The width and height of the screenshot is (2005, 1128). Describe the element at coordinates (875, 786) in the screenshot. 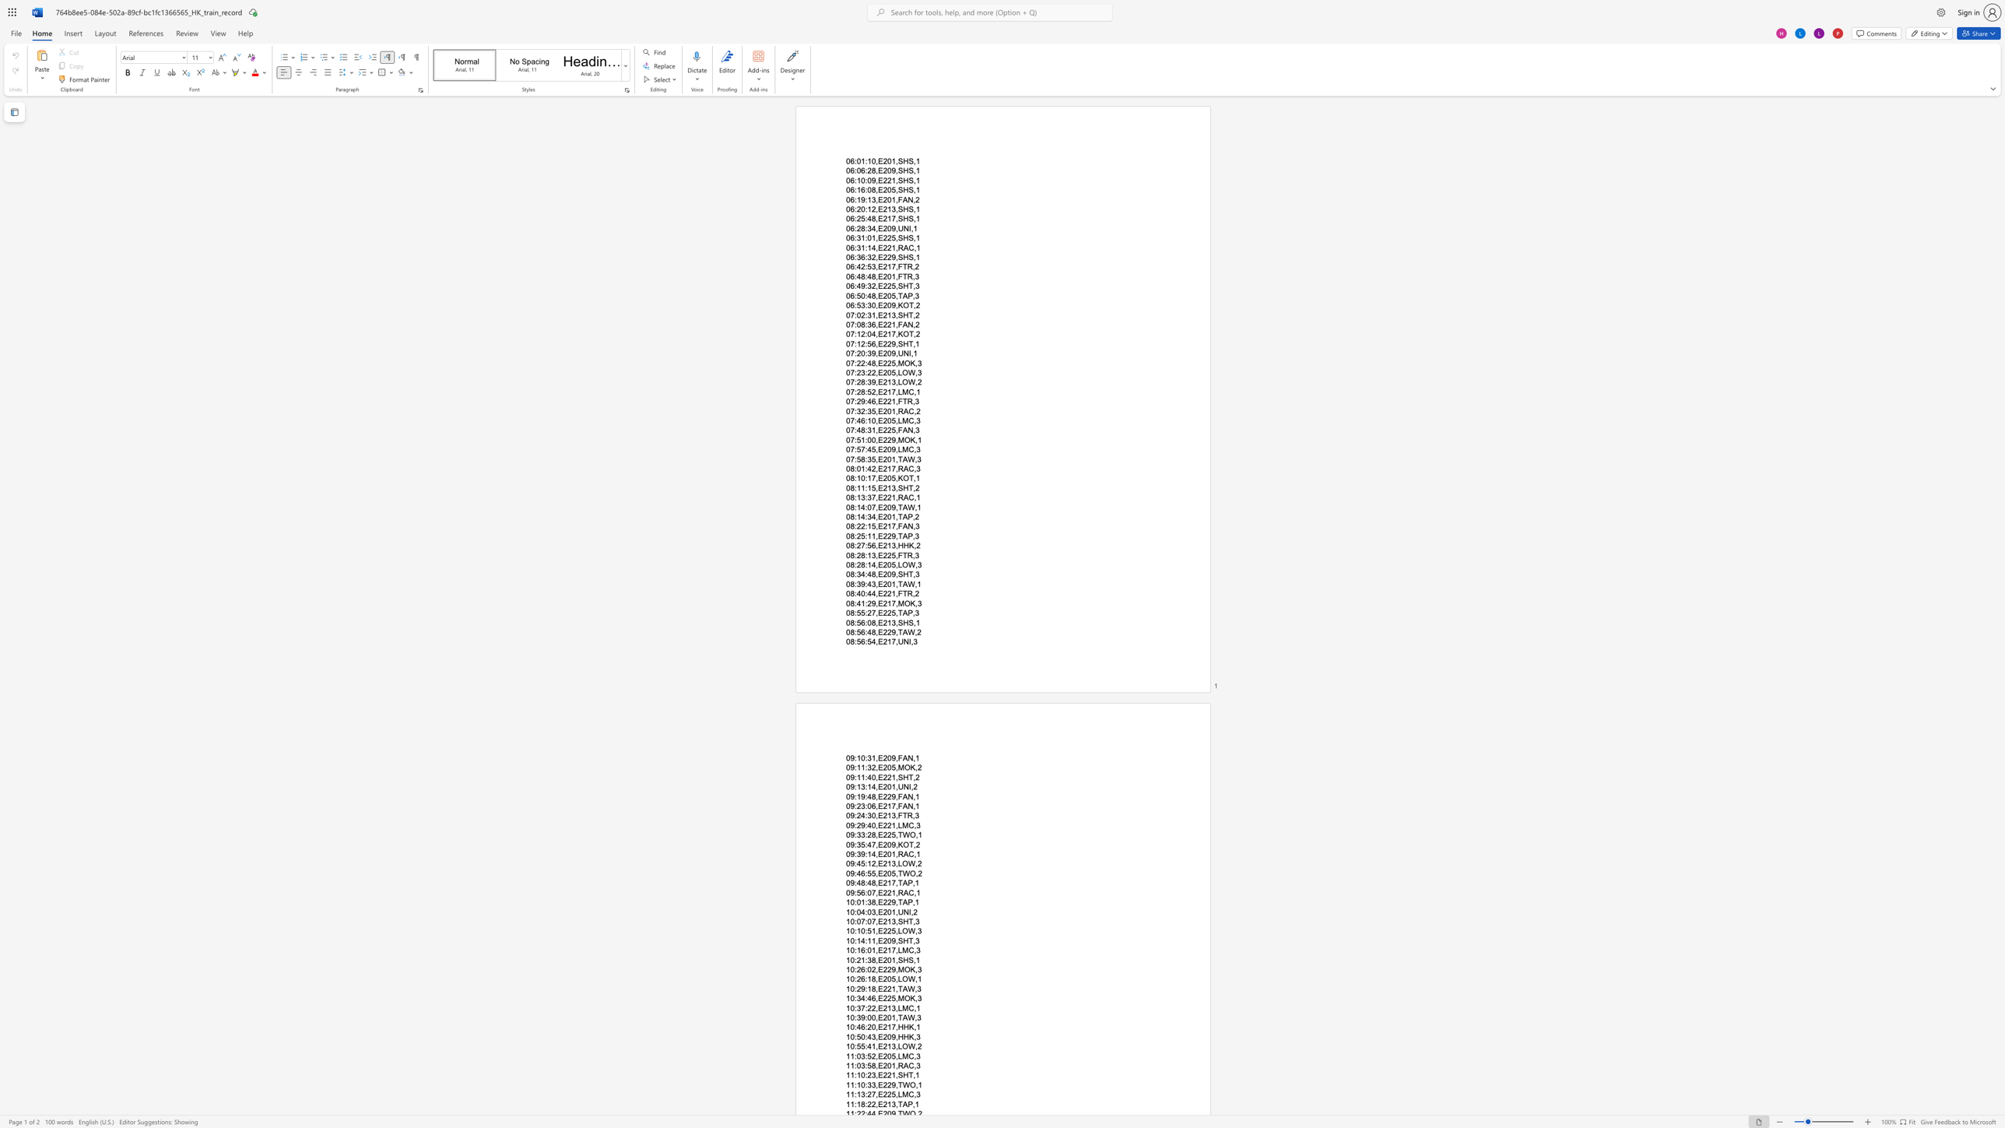

I see `the subset text ",E201,U" within the text "09:13:14,E201,UNI,2"` at that location.